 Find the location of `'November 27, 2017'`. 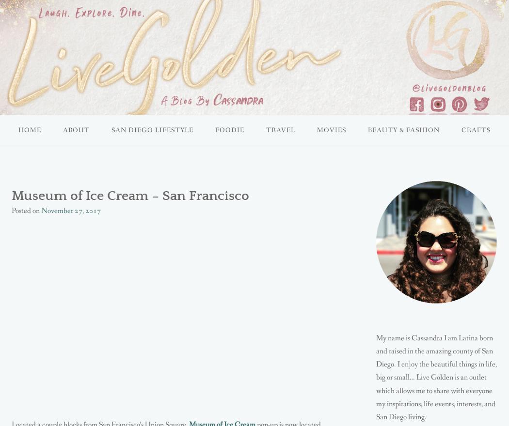

'November 27, 2017' is located at coordinates (41, 210).